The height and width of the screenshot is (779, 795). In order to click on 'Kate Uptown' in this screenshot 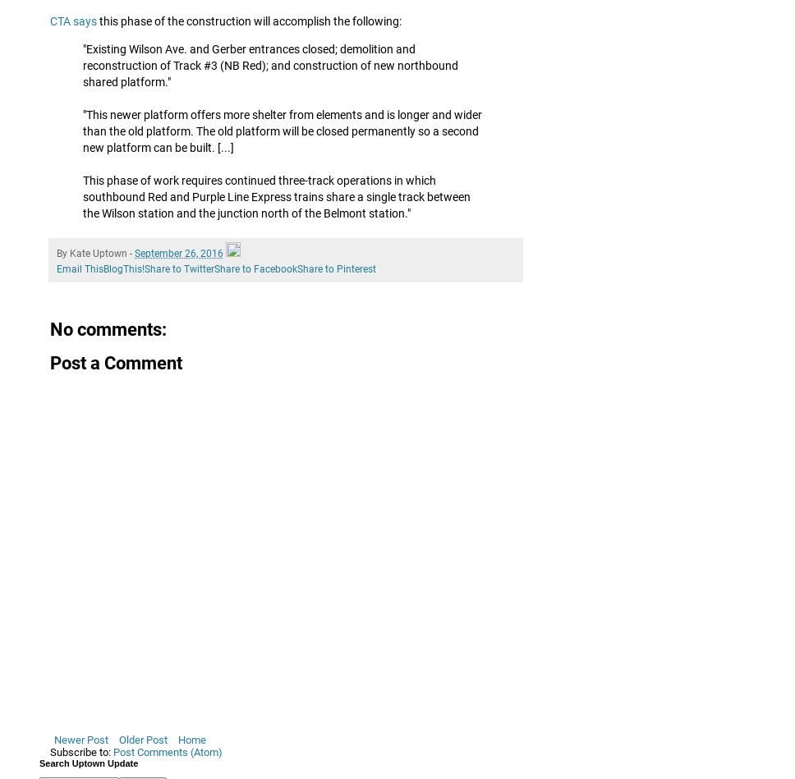, I will do `click(69, 252)`.